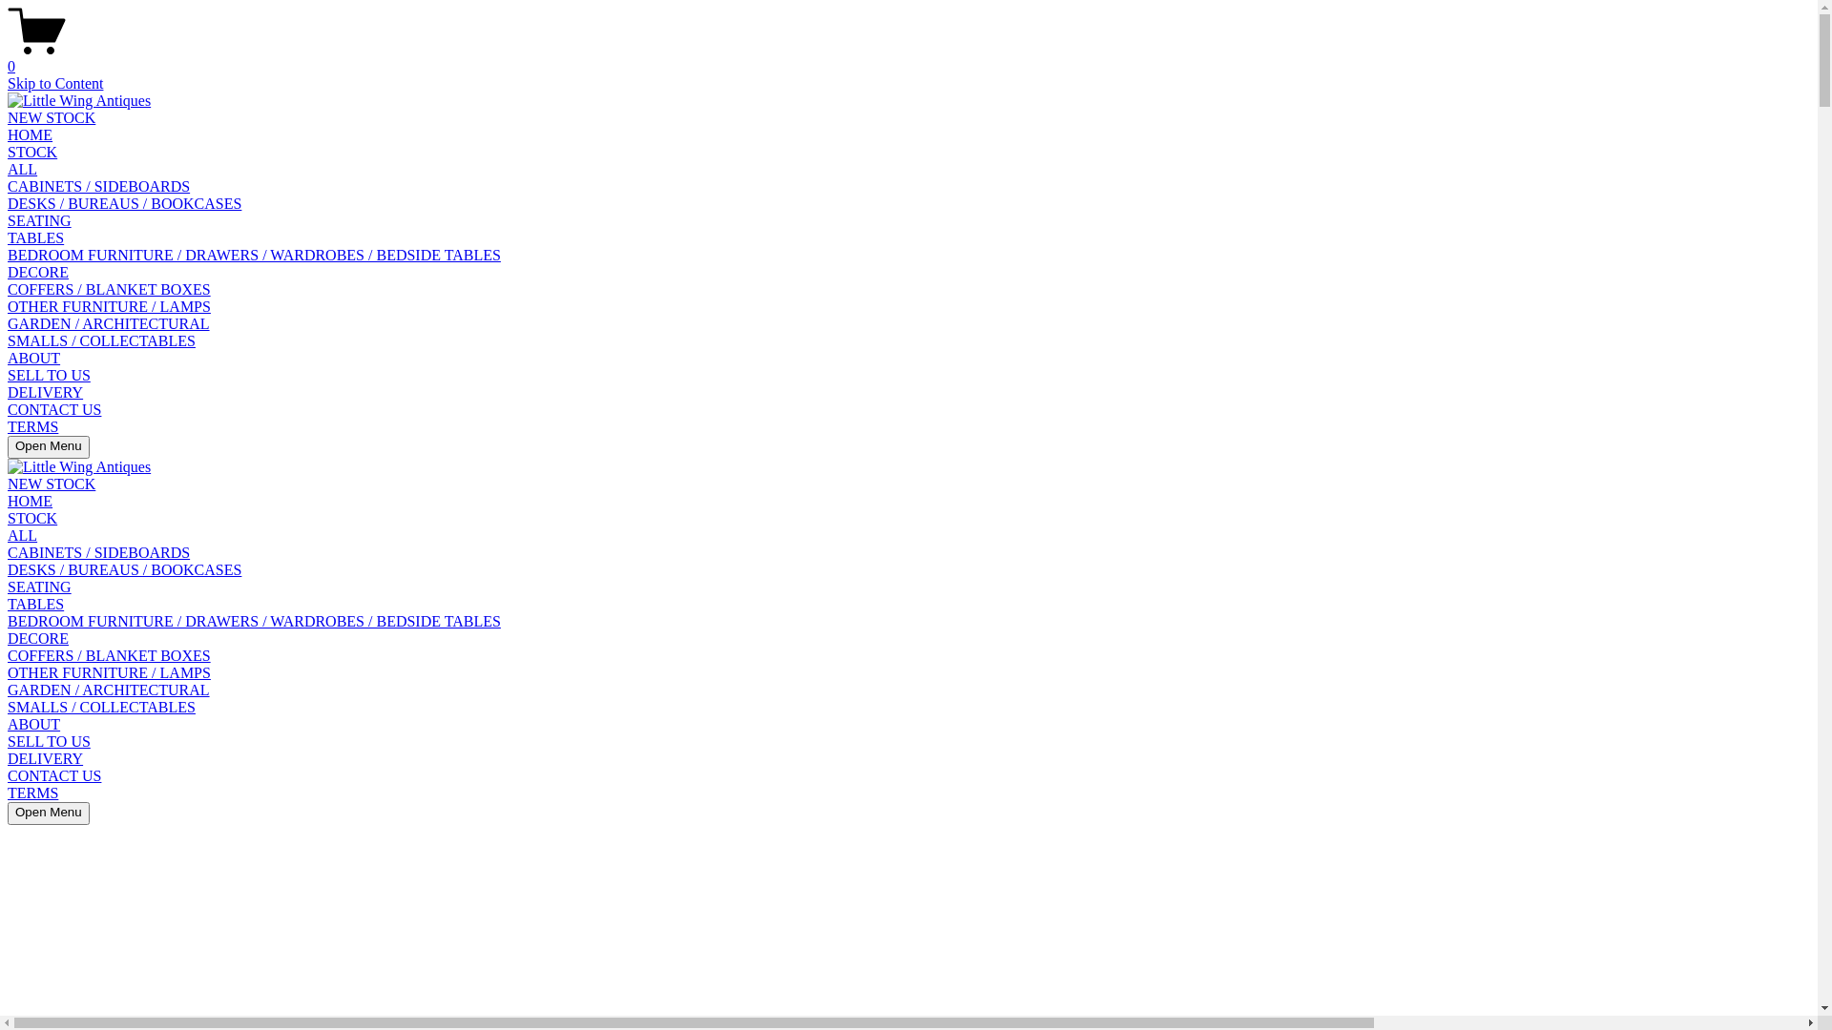 The height and width of the screenshot is (1030, 1832). Describe the element at coordinates (108, 690) in the screenshot. I see `'GARDEN / ARCHITECTURAL'` at that location.